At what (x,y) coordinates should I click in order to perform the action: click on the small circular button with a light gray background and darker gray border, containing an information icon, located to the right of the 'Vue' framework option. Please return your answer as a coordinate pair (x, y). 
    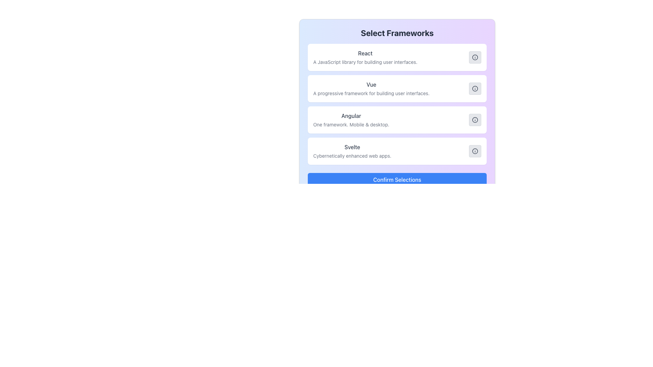
    Looking at the image, I should click on (474, 88).